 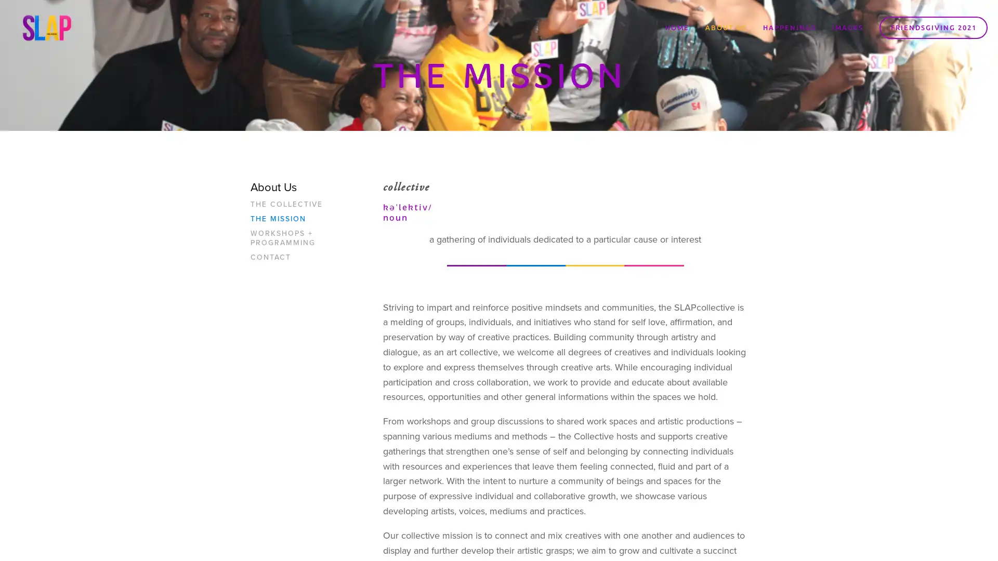 I want to click on Close, so click(x=652, y=161).